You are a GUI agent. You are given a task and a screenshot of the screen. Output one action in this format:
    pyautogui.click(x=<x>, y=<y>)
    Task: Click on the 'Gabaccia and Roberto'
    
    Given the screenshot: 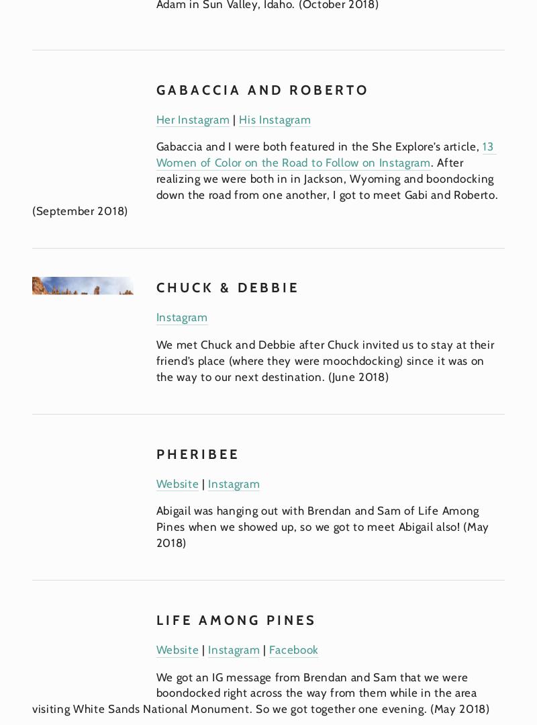 What is the action you would take?
    pyautogui.click(x=155, y=89)
    